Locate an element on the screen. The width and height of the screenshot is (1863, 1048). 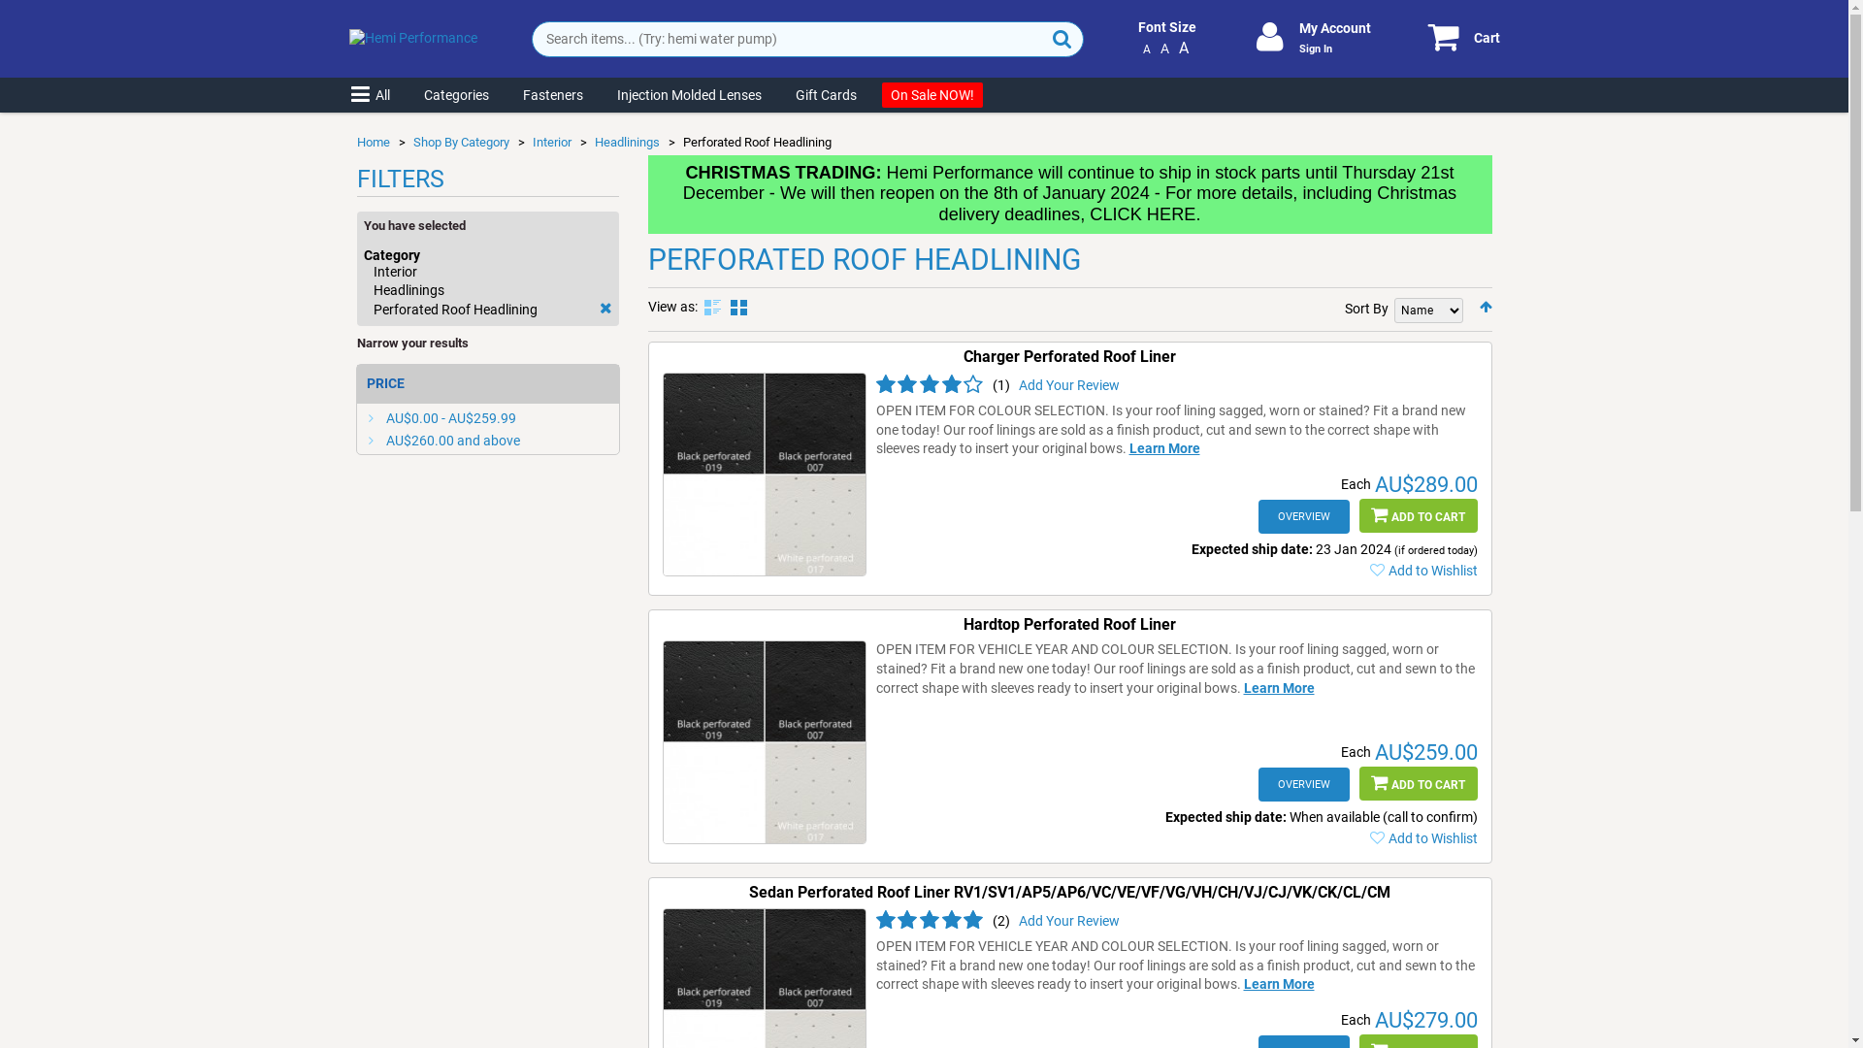
'OVERVIEW' is located at coordinates (1303, 515).